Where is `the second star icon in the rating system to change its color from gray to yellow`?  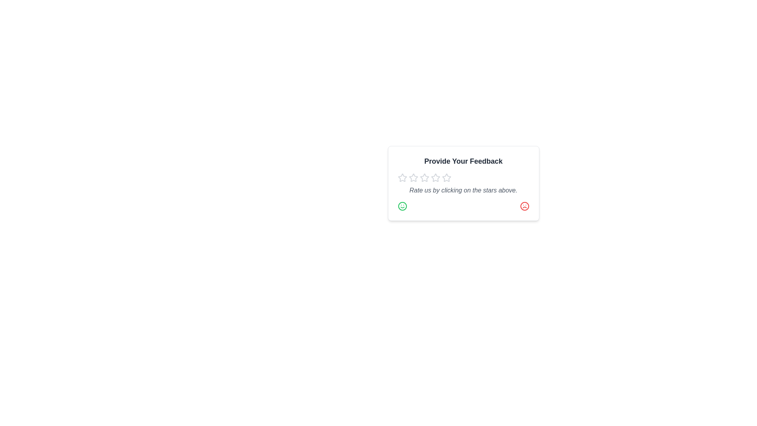 the second star icon in the rating system to change its color from gray to yellow is located at coordinates (413, 178).